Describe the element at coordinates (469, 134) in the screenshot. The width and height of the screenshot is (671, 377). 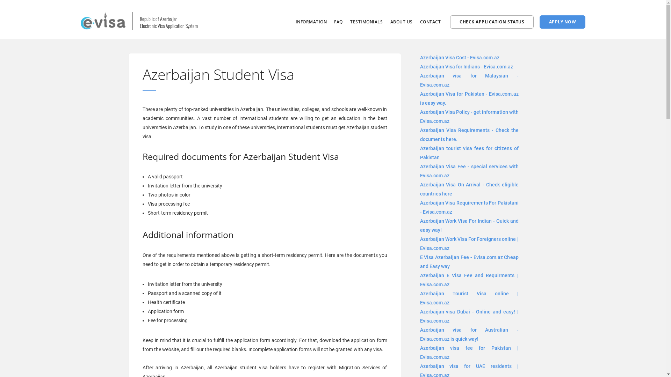
I see `'Azerbaijan Visa Requirements - Check the documents here.'` at that location.